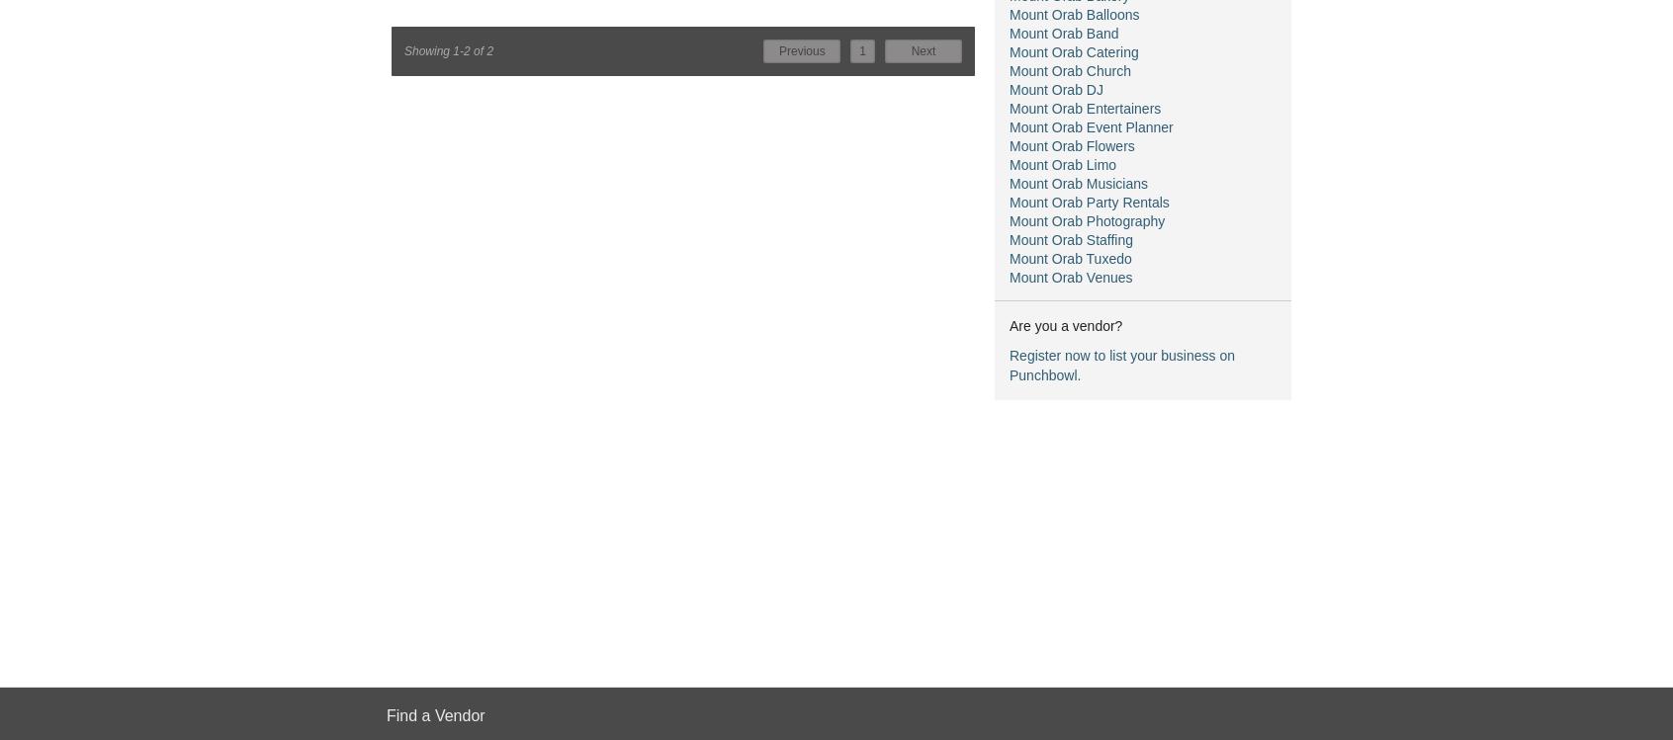 This screenshot has width=1673, height=740. Describe the element at coordinates (434, 714) in the screenshot. I see `'Find a Vendor'` at that location.